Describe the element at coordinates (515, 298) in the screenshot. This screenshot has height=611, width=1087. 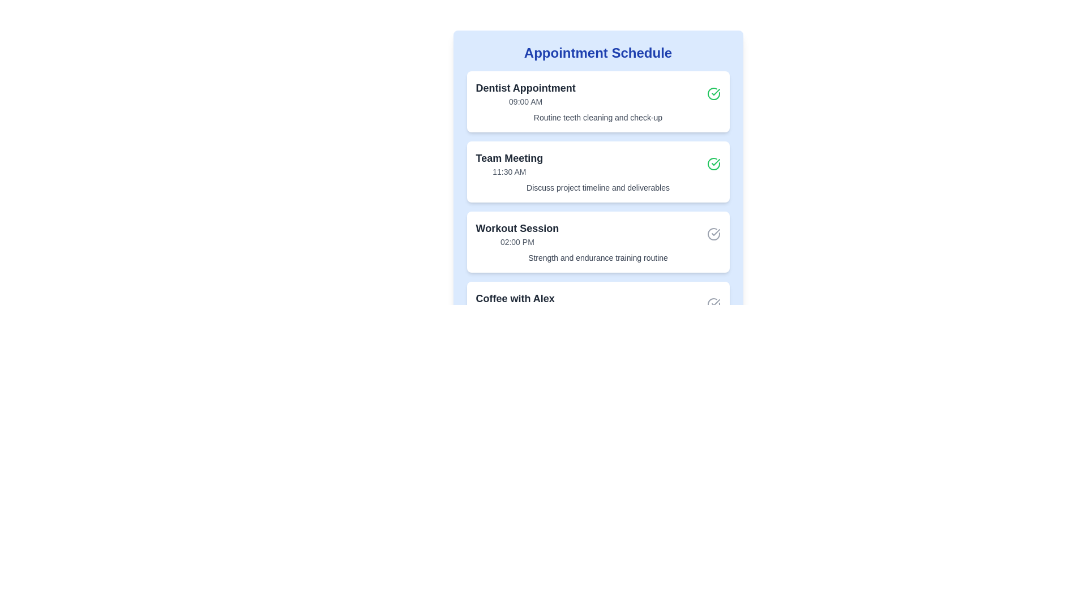
I see `the prominent text label 'Coffee with Alex' located at the bottom of the 'Appointment Schedule' list` at that location.